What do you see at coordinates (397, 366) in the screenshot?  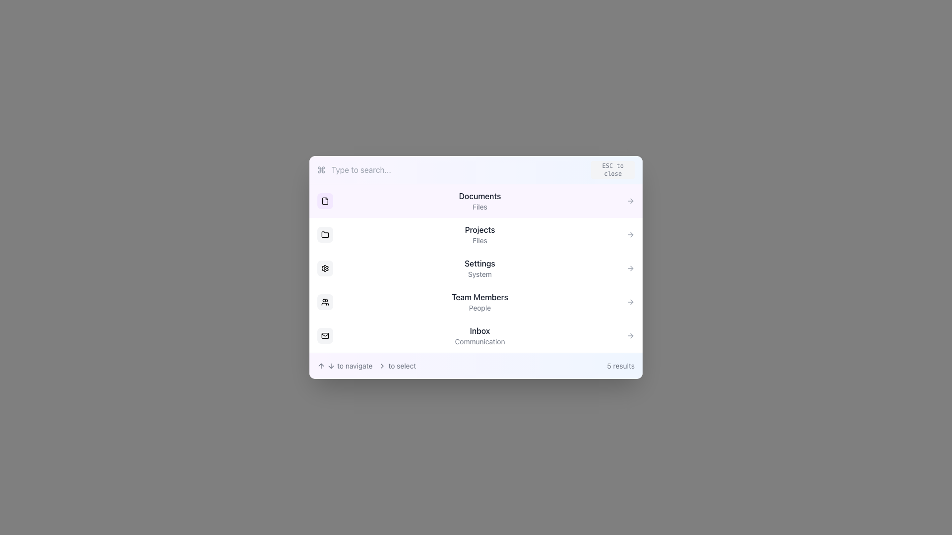 I see `the text label that reads 'to select', which is positioned next to an icon resembling a right-facing arrowhead in the bottom section of the interface` at bounding box center [397, 366].